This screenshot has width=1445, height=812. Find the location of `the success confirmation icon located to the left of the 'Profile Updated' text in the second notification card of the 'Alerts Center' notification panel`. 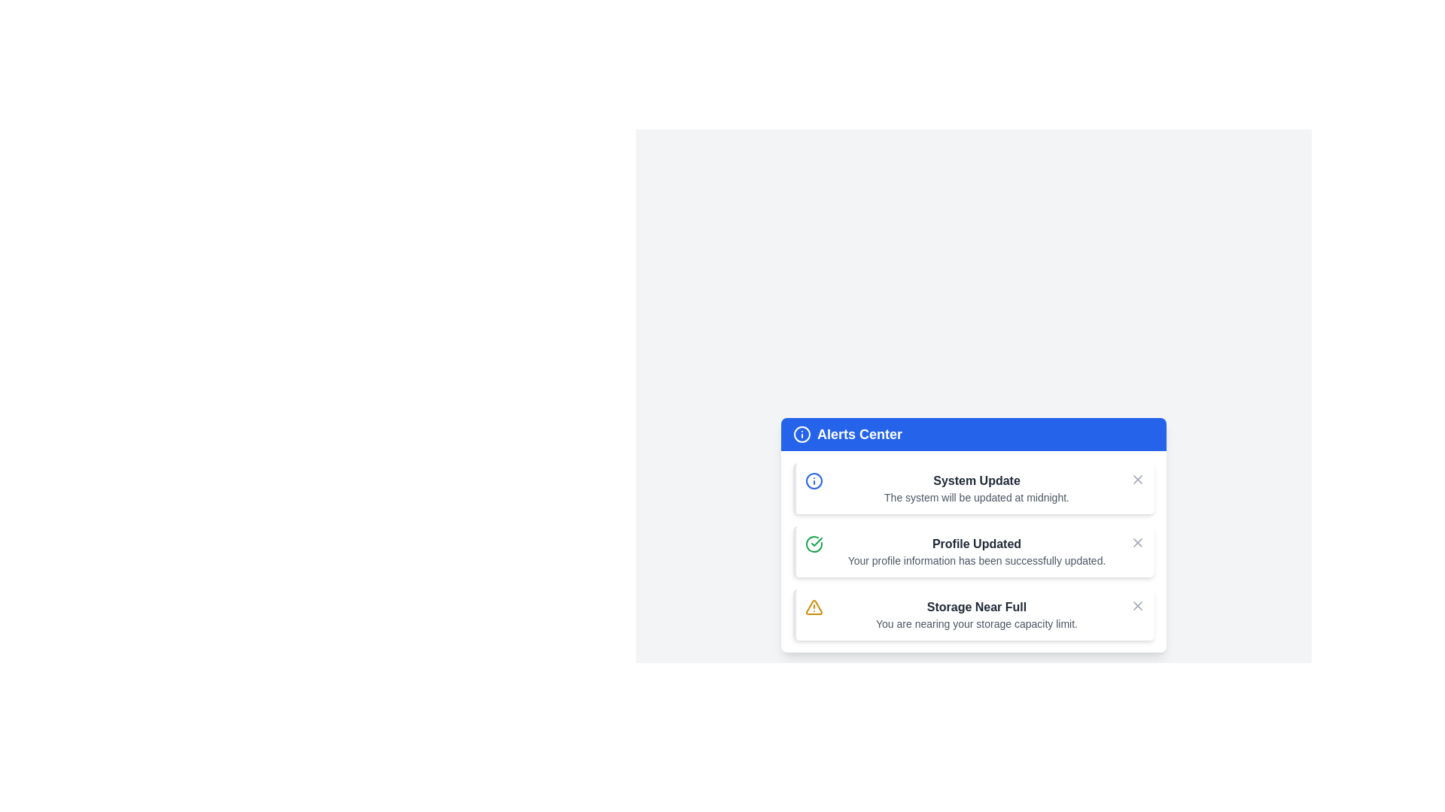

the success confirmation icon located to the left of the 'Profile Updated' text in the second notification card of the 'Alerts Center' notification panel is located at coordinates (813, 544).